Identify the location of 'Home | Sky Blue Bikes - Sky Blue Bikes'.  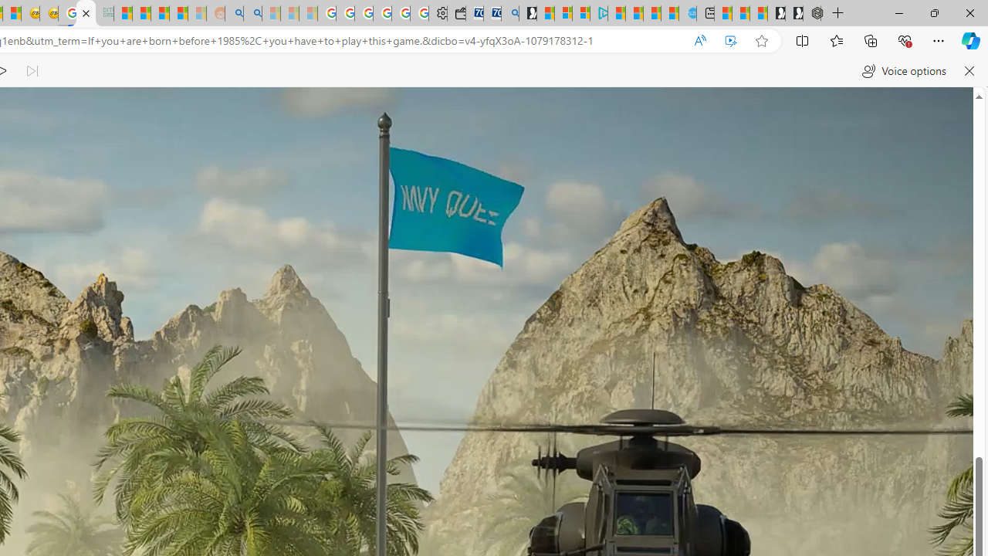
(686, 13).